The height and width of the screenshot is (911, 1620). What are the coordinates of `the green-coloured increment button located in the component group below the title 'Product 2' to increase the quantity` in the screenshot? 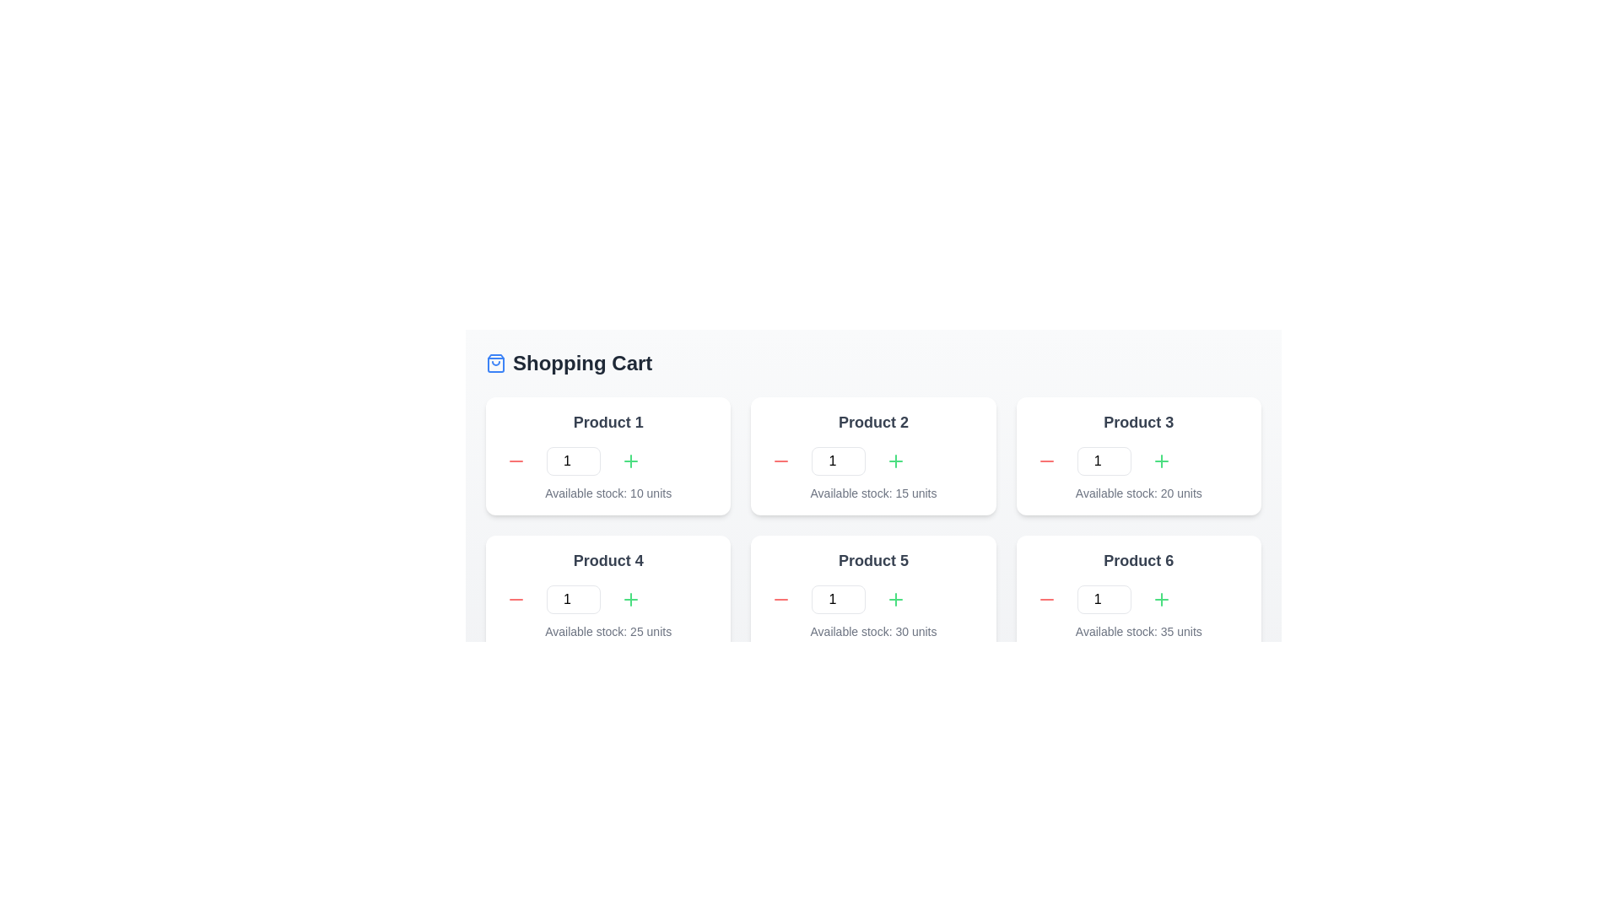 It's located at (873, 461).